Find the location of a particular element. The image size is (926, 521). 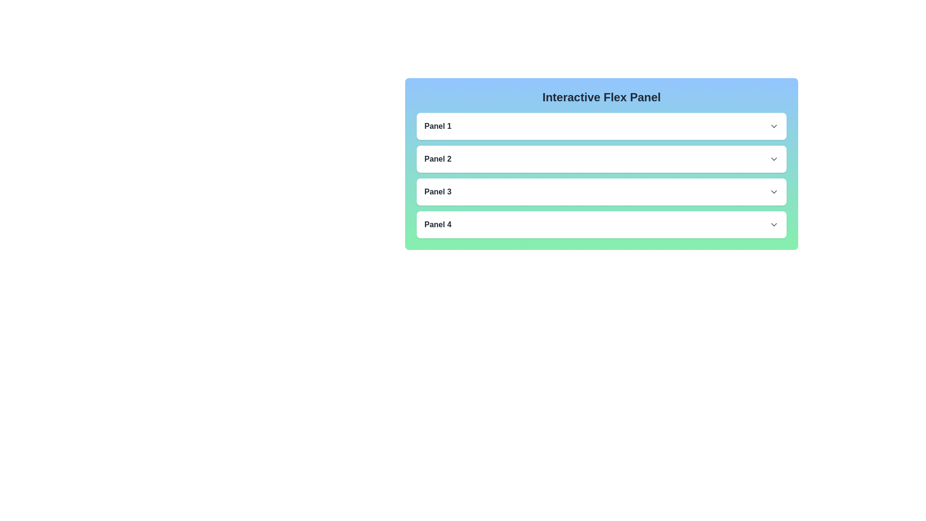

text content of the 'Panel 1' label, which is displayed in bold dark gray on a light background within the header row of the first collapsible panel is located at coordinates (437, 126).